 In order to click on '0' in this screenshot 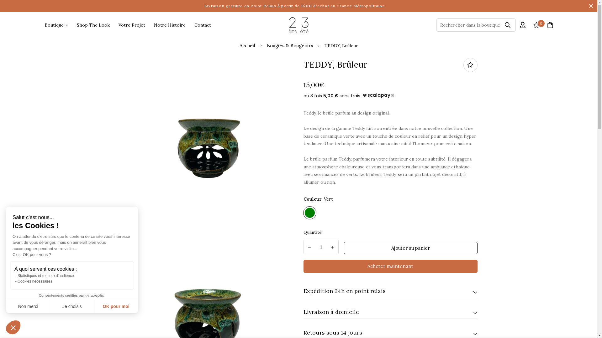, I will do `click(536, 24)`.